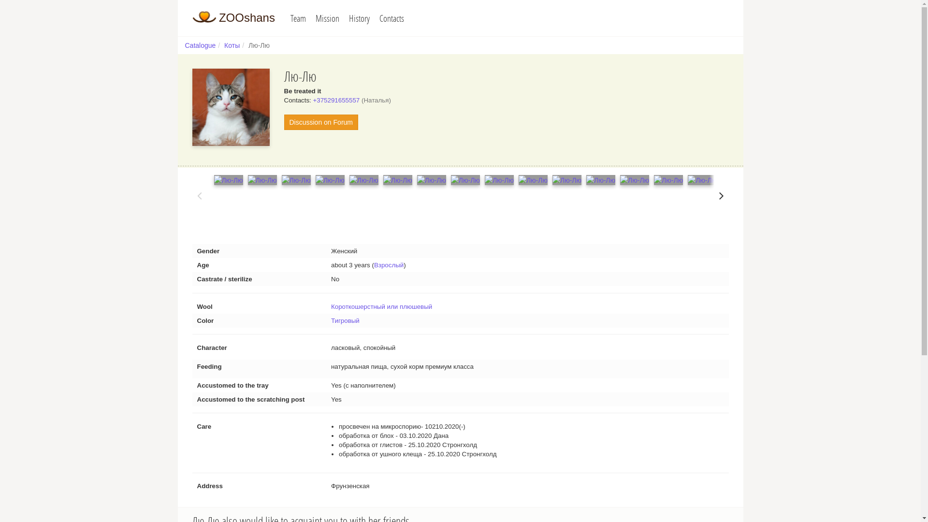 The width and height of the screenshot is (928, 522). I want to click on '+375291655557', so click(313, 100).